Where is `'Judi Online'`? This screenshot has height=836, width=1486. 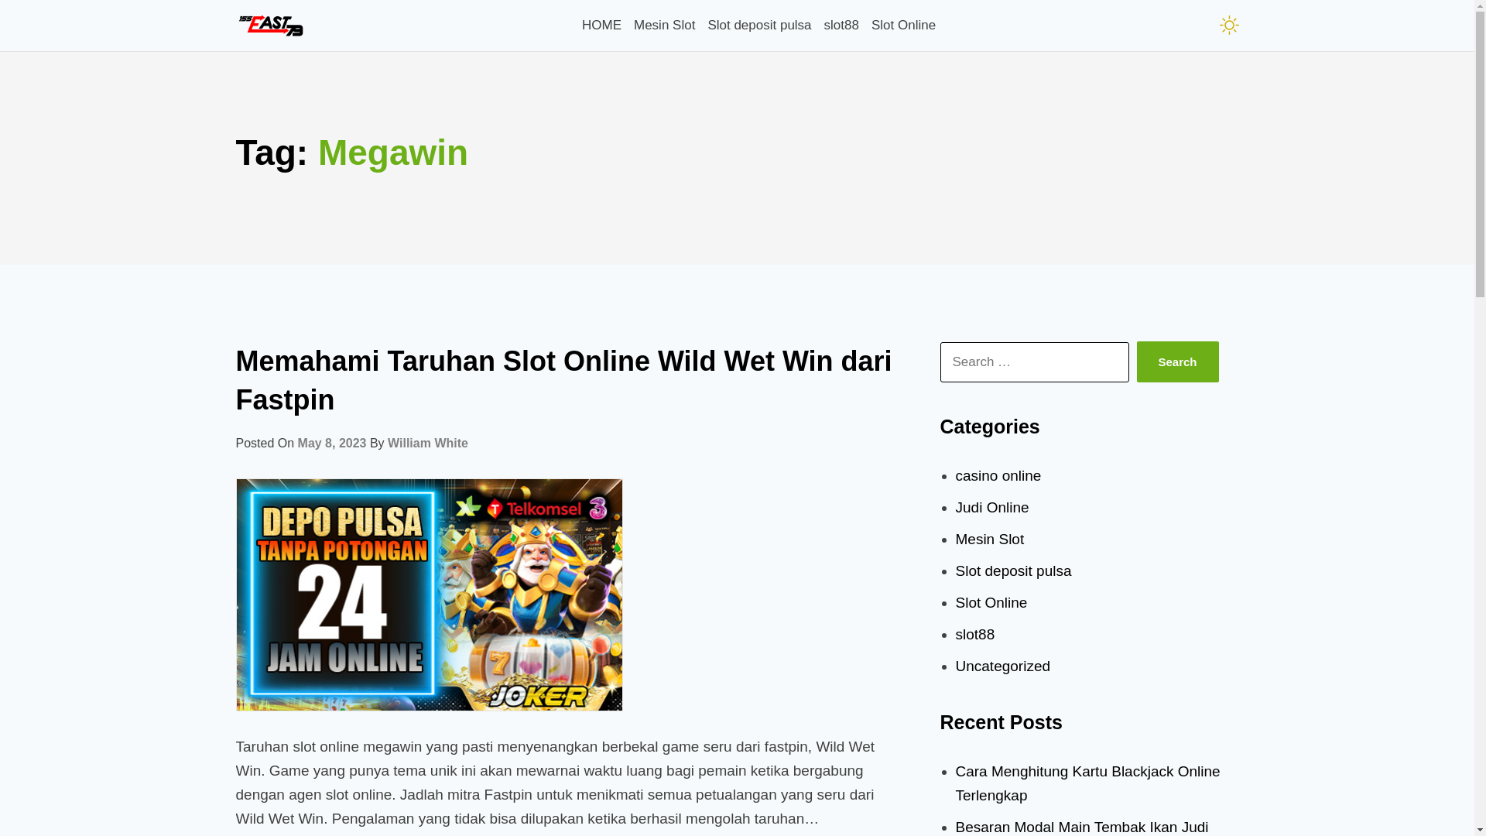 'Judi Online' is located at coordinates (954, 507).